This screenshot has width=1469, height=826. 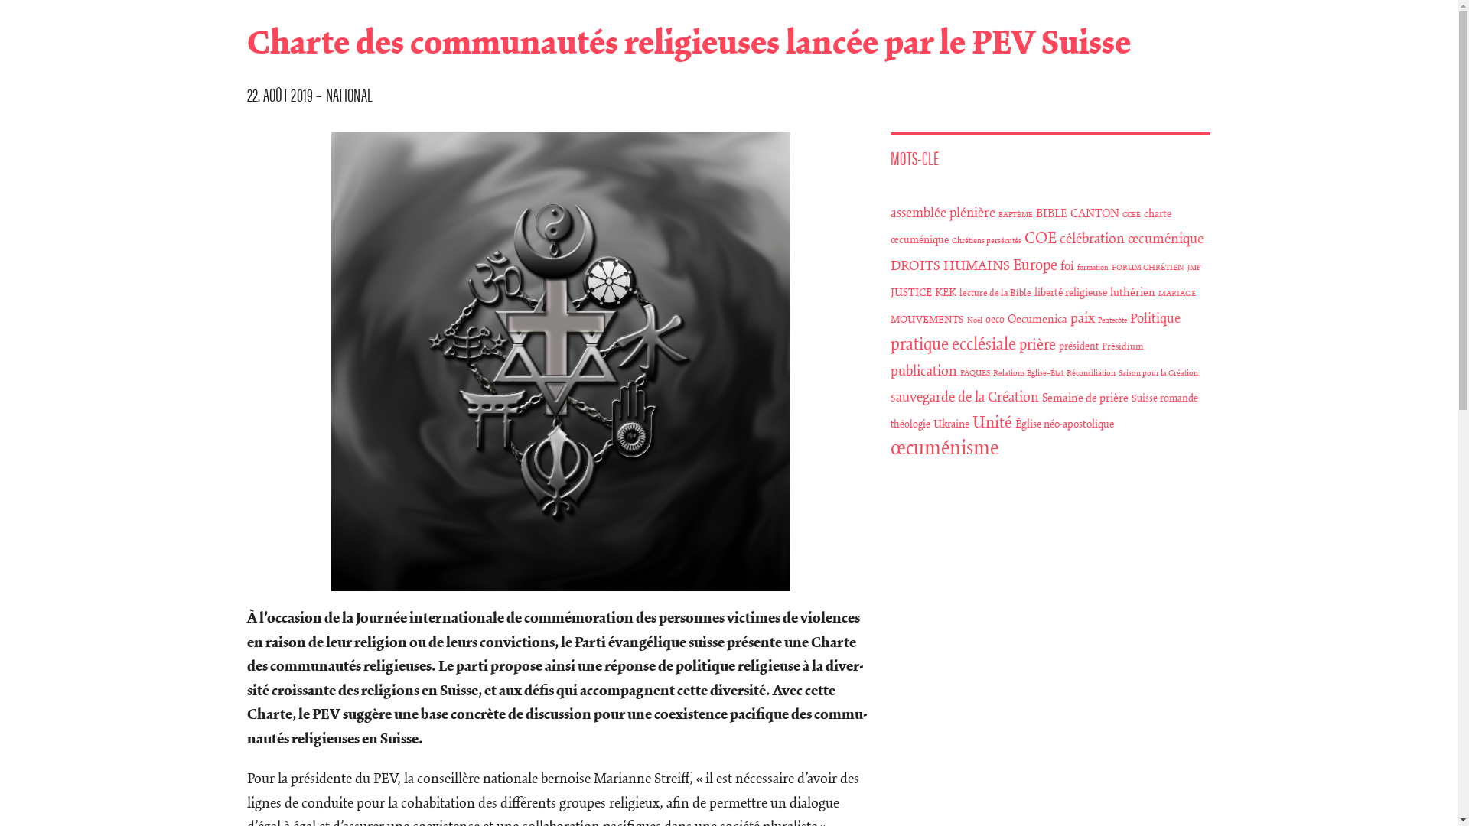 I want to click on 'DROITS HUMAINS', so click(x=949, y=265).